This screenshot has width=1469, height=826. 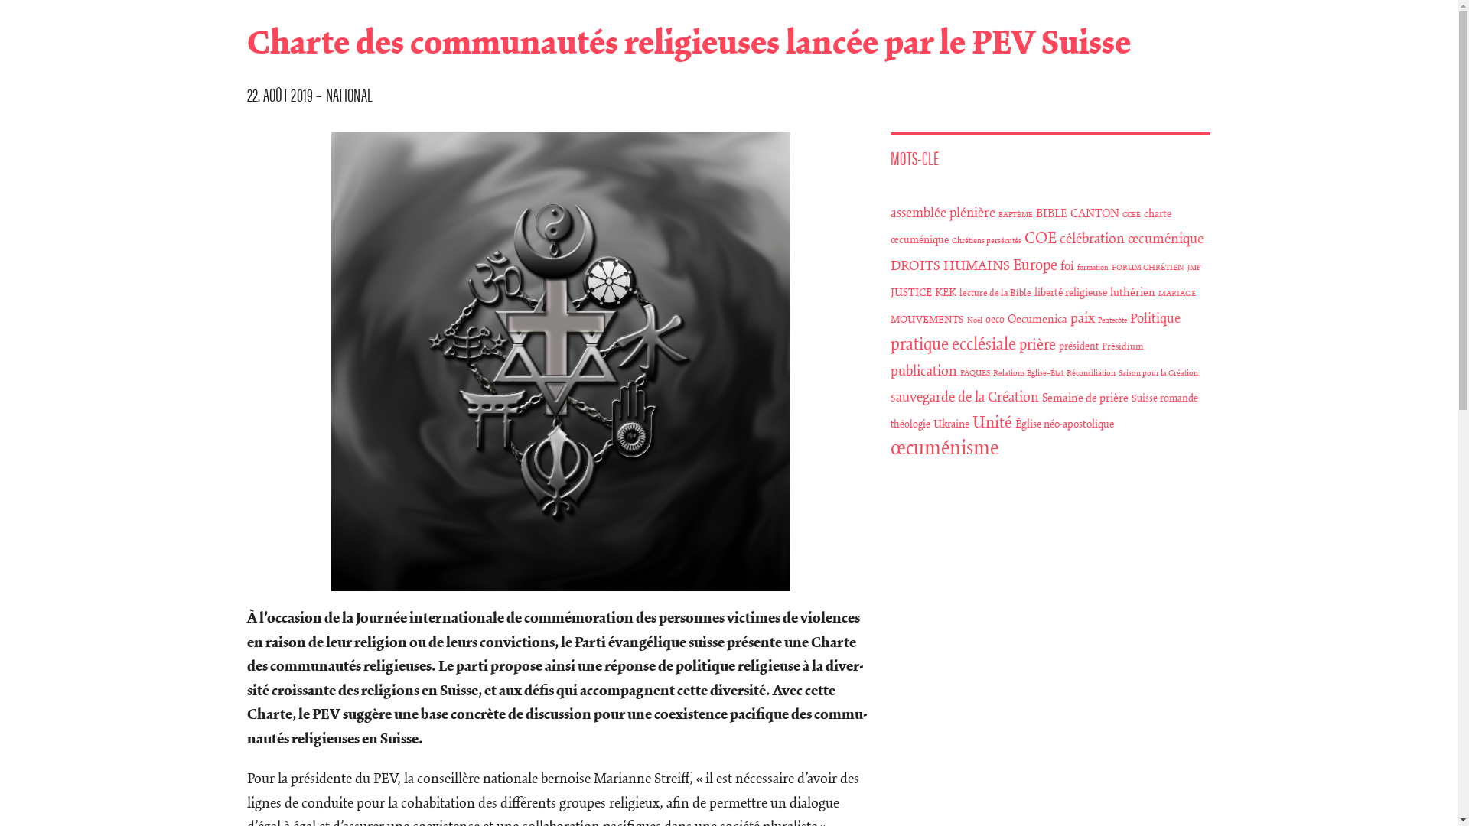 I want to click on 'DROITS HUMAINS', so click(x=949, y=265).